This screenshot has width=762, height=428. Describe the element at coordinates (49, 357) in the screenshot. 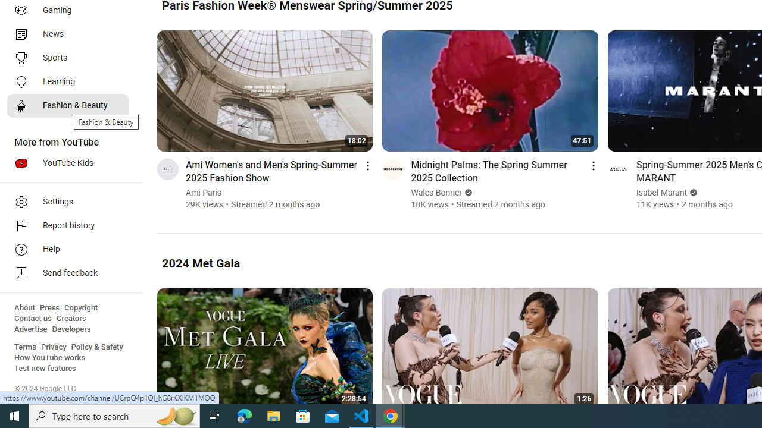

I see `'How YouTube works'` at that location.